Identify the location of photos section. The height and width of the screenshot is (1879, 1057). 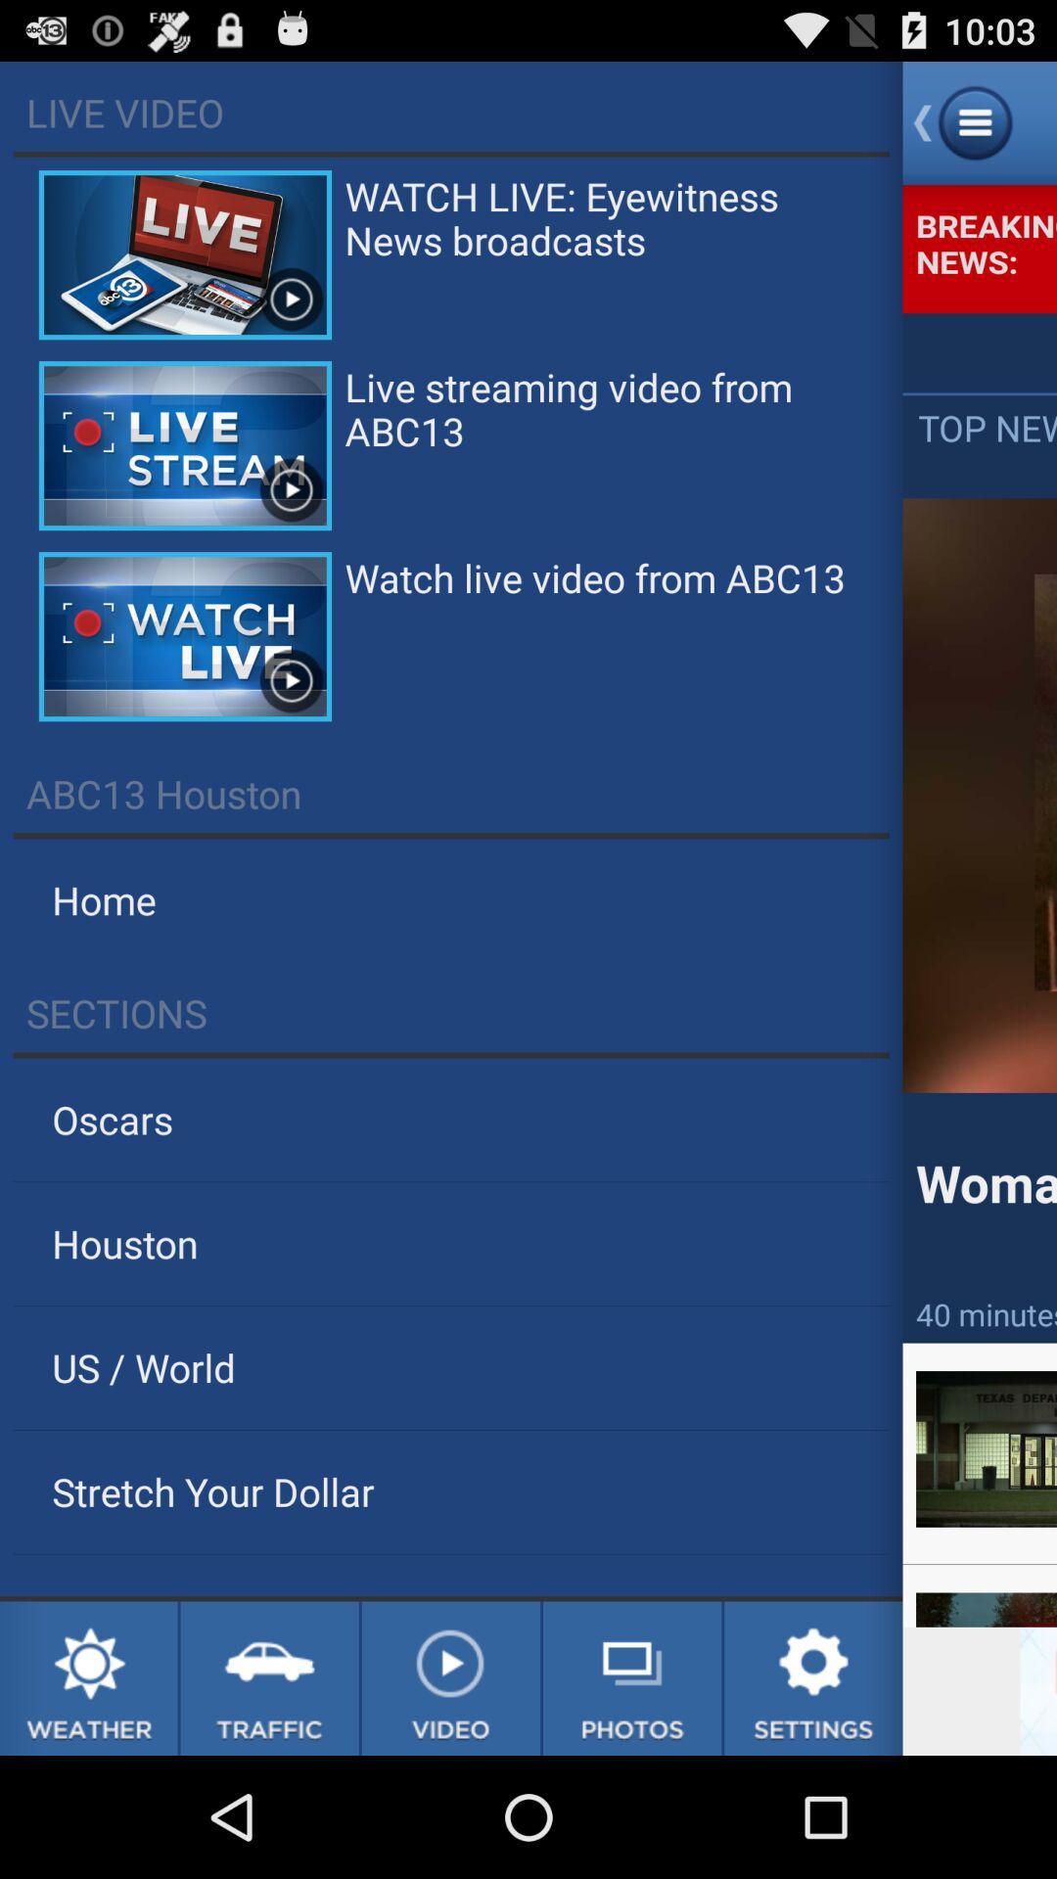
(632, 1677).